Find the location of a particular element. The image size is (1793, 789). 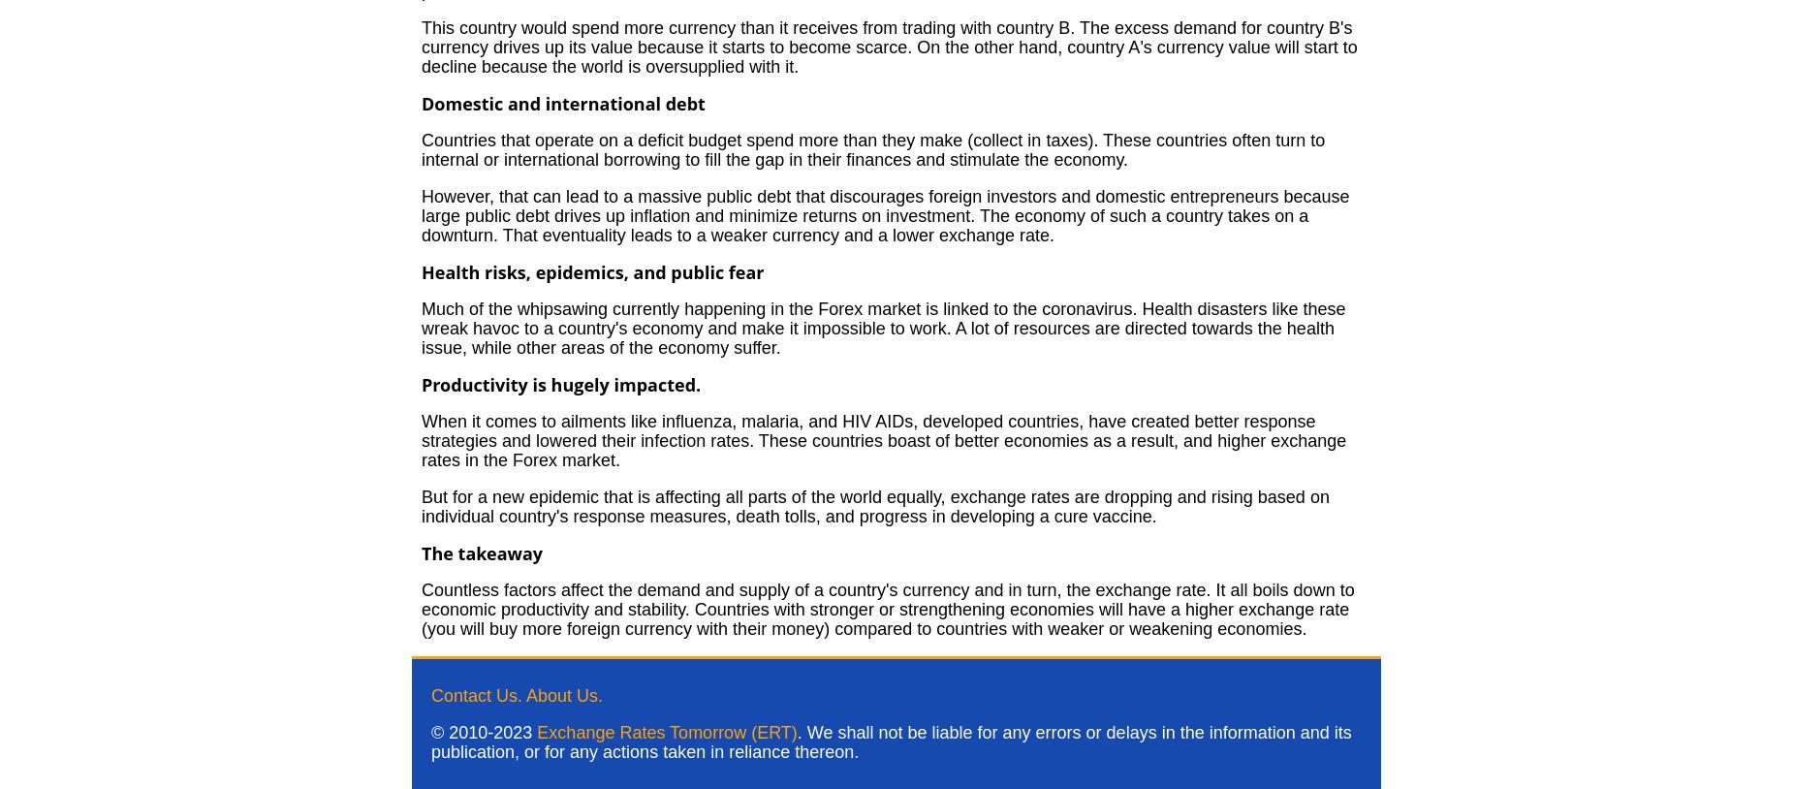

'Countries that operate on a deficit budget spend more than they make (collect in taxes). These countries often turn to internal or international borrowing to fill the gap in their finances and stimulate the economy.' is located at coordinates (872, 148).